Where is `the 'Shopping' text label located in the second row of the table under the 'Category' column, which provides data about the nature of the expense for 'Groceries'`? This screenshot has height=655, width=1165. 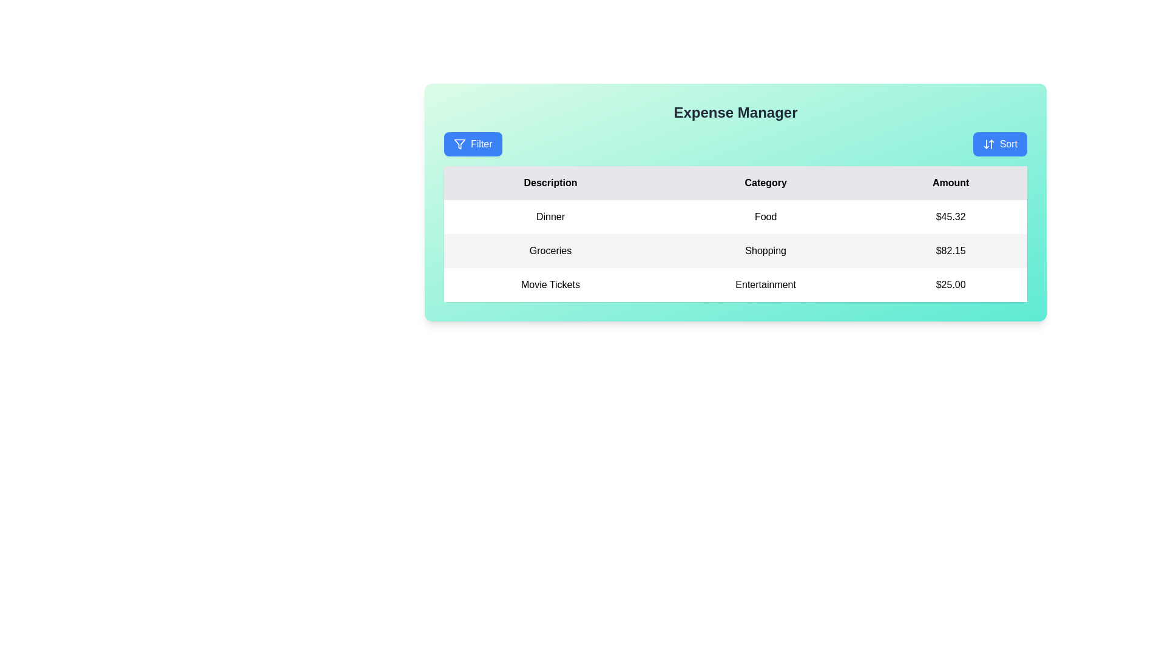 the 'Shopping' text label located in the second row of the table under the 'Category' column, which provides data about the nature of the expense for 'Groceries' is located at coordinates (765, 250).